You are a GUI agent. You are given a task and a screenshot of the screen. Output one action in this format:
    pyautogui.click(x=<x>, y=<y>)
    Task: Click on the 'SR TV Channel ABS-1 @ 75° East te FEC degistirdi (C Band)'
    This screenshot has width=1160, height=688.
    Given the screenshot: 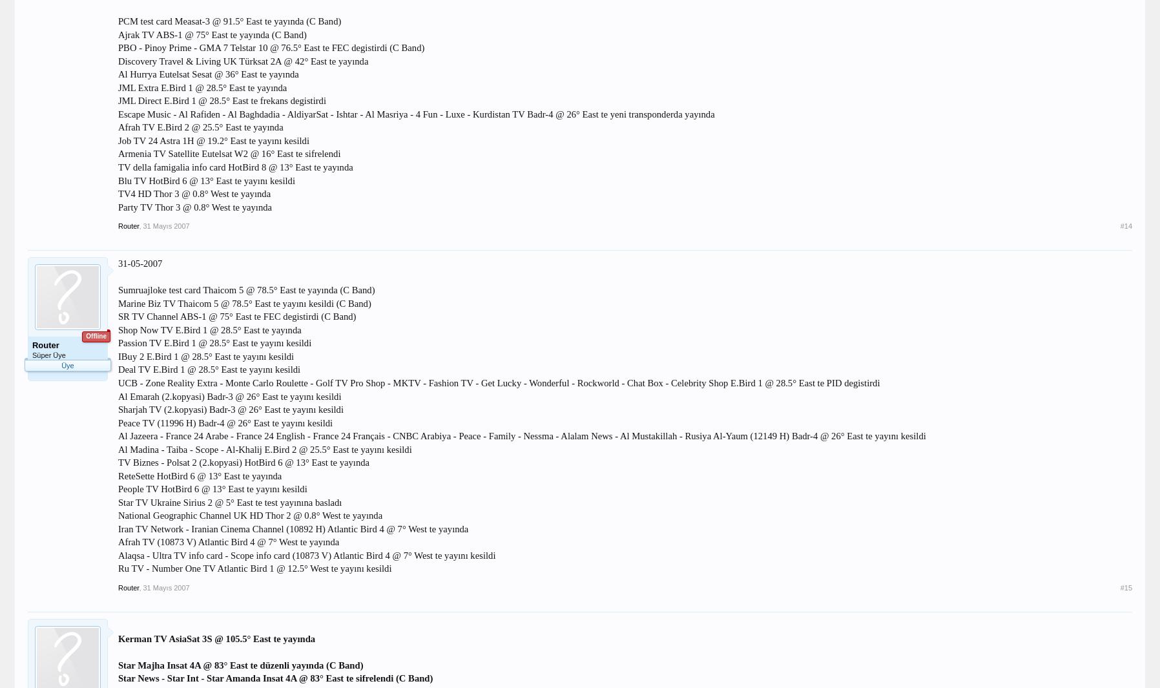 What is the action you would take?
    pyautogui.click(x=116, y=316)
    